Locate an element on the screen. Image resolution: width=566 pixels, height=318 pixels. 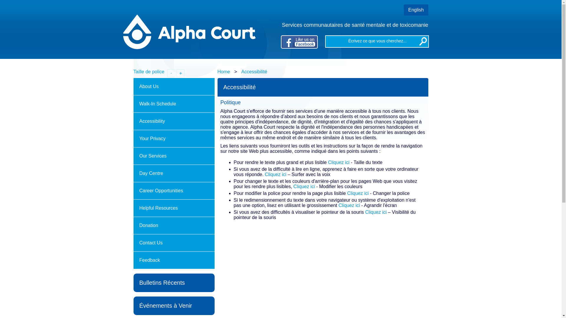
'Accessibility' is located at coordinates (133, 121).